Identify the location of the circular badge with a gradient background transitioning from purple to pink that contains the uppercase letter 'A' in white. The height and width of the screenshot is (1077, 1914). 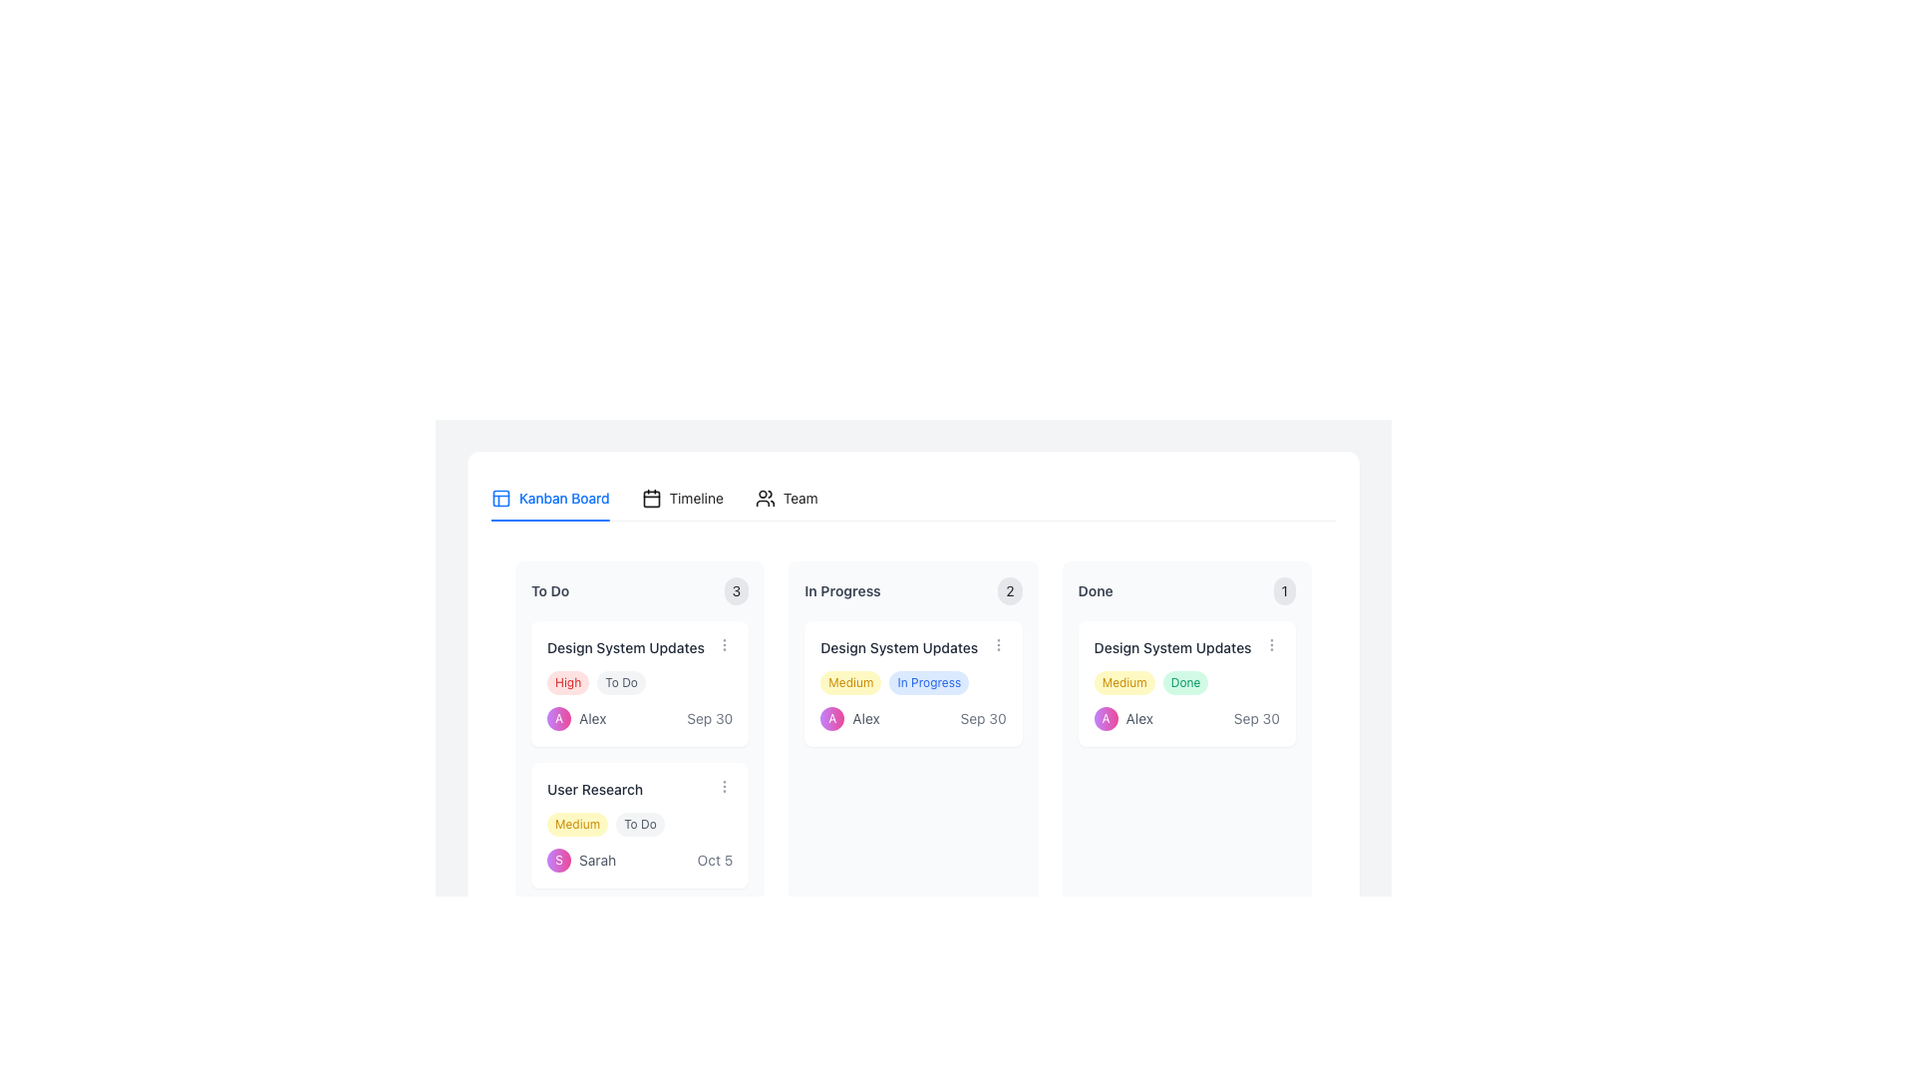
(1105, 719).